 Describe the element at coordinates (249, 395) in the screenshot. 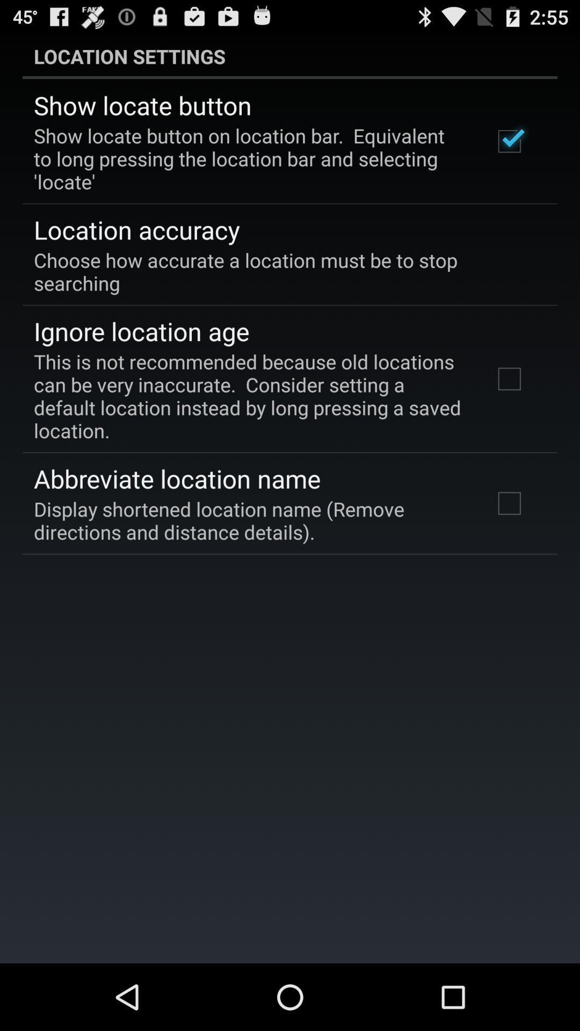

I see `the app above abbreviate location name` at that location.